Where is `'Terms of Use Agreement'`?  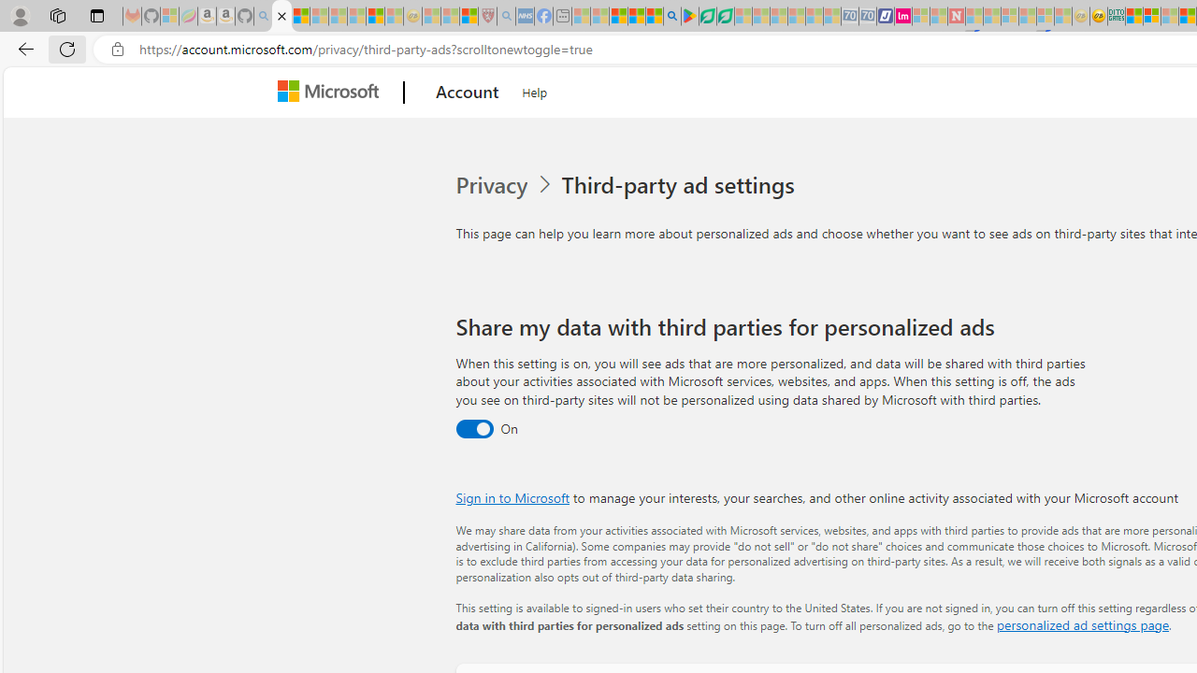 'Terms of Use Agreement' is located at coordinates (706, 16).